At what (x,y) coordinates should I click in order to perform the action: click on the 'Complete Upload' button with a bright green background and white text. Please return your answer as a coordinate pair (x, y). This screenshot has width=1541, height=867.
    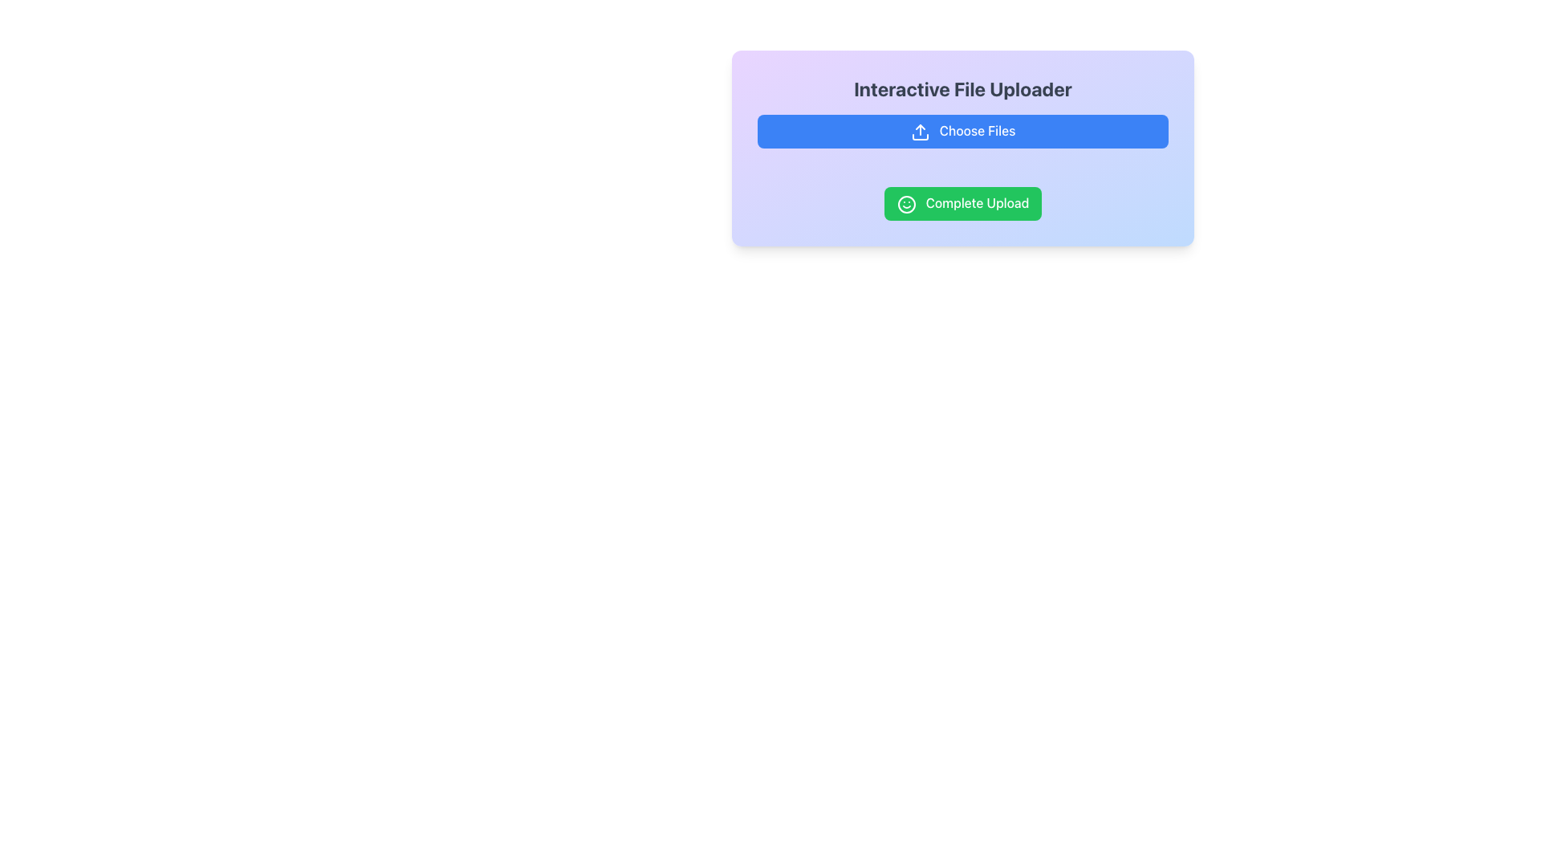
    Looking at the image, I should click on (963, 202).